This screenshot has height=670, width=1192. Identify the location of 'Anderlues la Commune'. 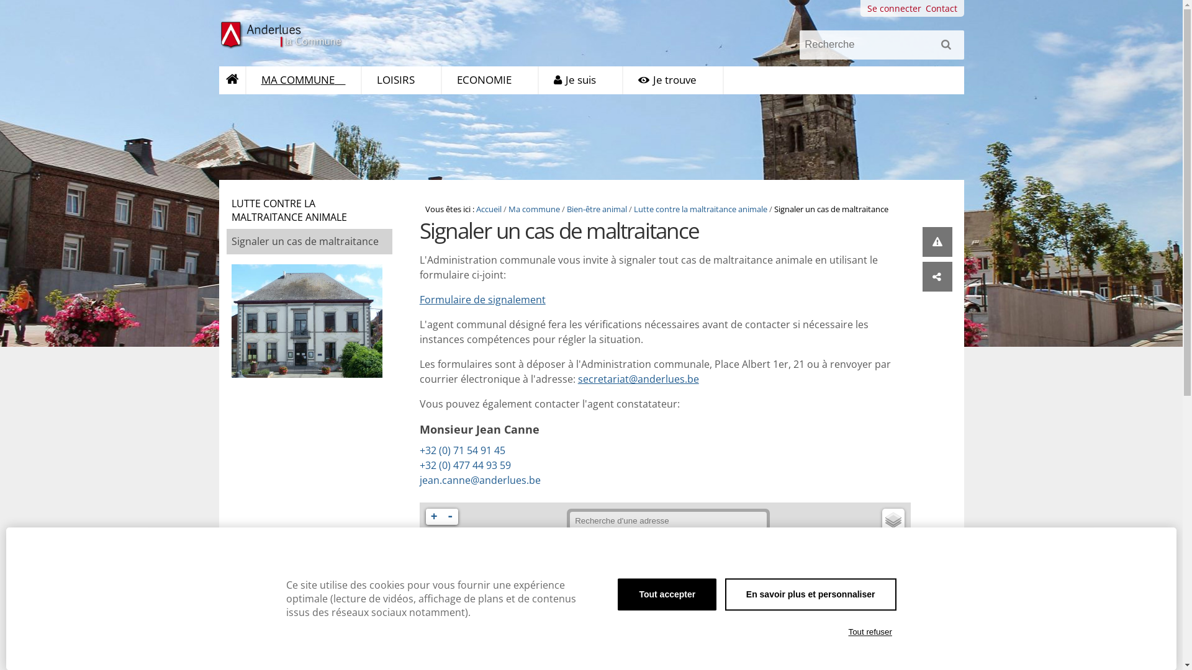
(283, 35).